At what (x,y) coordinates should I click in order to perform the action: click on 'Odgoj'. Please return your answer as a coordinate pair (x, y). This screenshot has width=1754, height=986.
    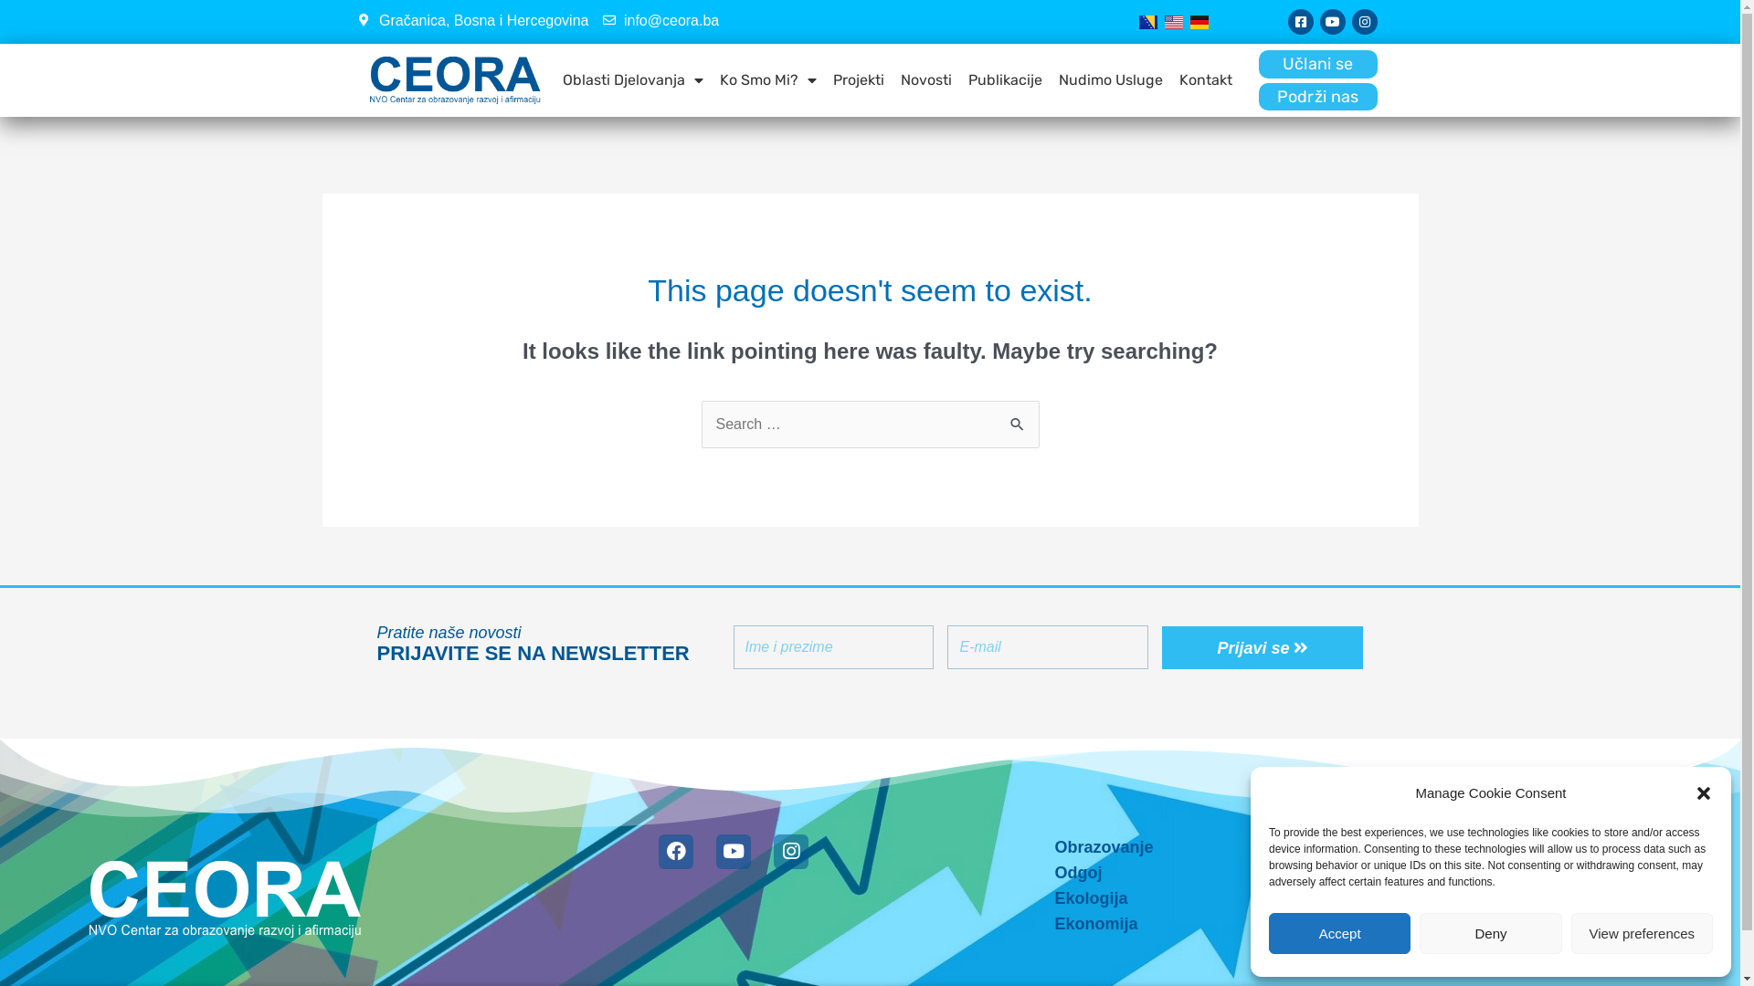
    Looking at the image, I should click on (1035, 872).